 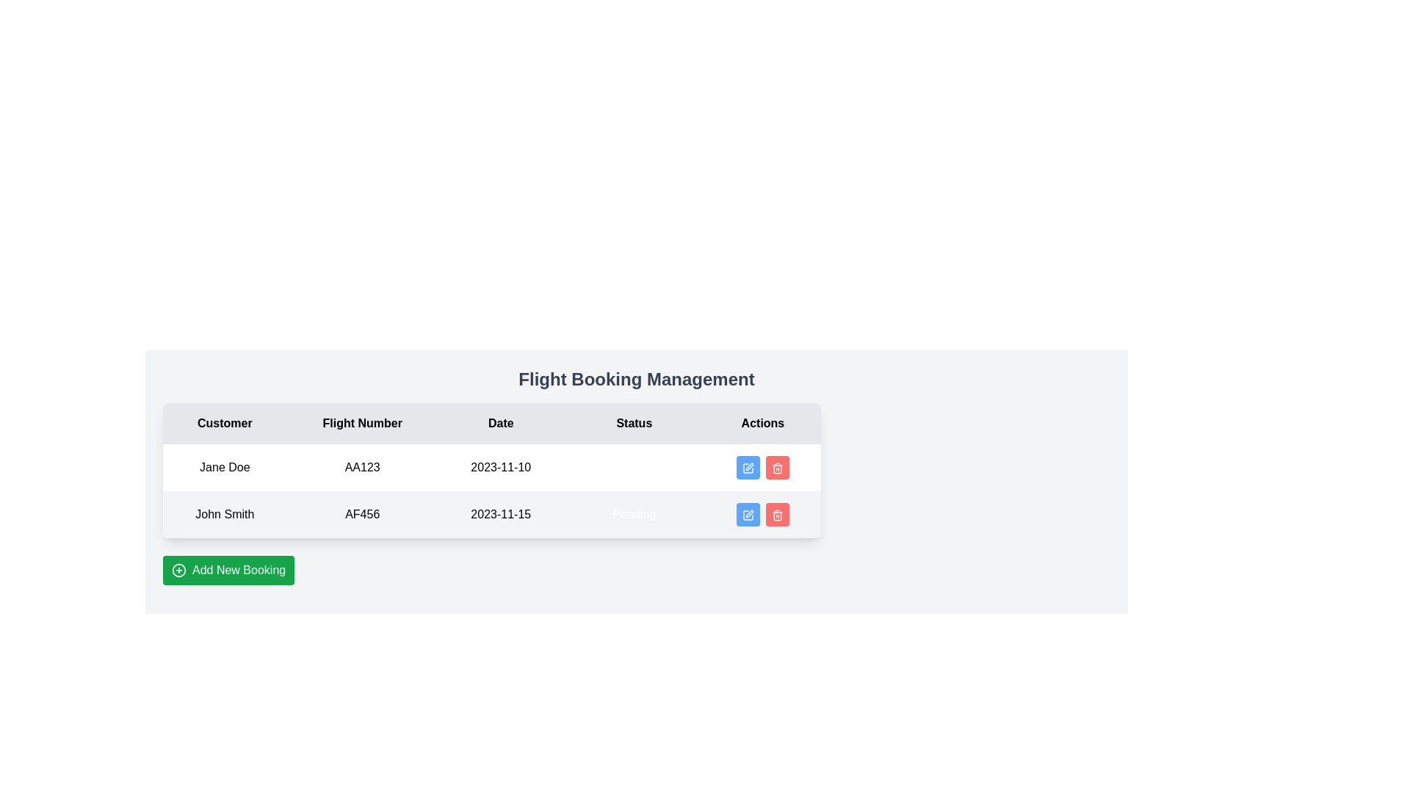 I want to click on the text label displaying '2023-11-15' that is positioned within the table row for 'John Smith' under the 'Date' column, so click(x=501, y=514).